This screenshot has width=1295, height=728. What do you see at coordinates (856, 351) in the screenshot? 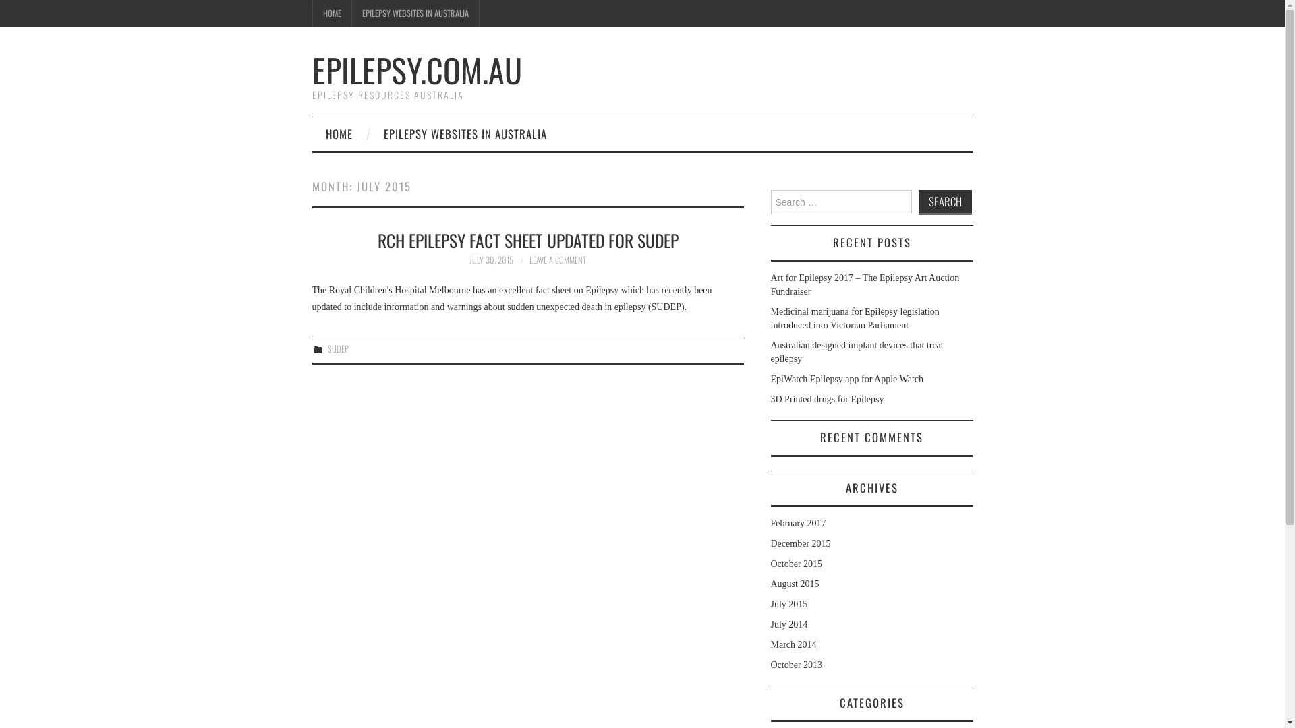
I see `'Australian designed implant devices that treat epilepsy'` at bounding box center [856, 351].